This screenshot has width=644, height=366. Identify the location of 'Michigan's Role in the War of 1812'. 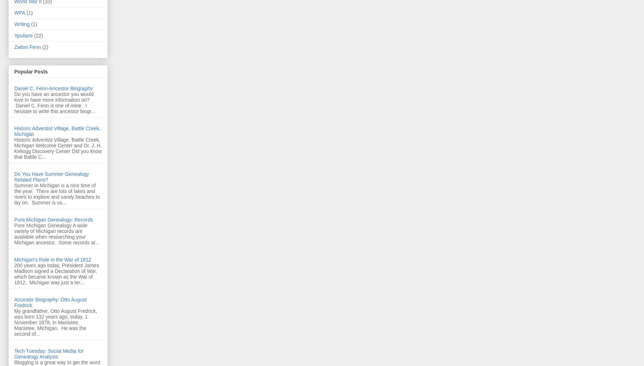
(52, 259).